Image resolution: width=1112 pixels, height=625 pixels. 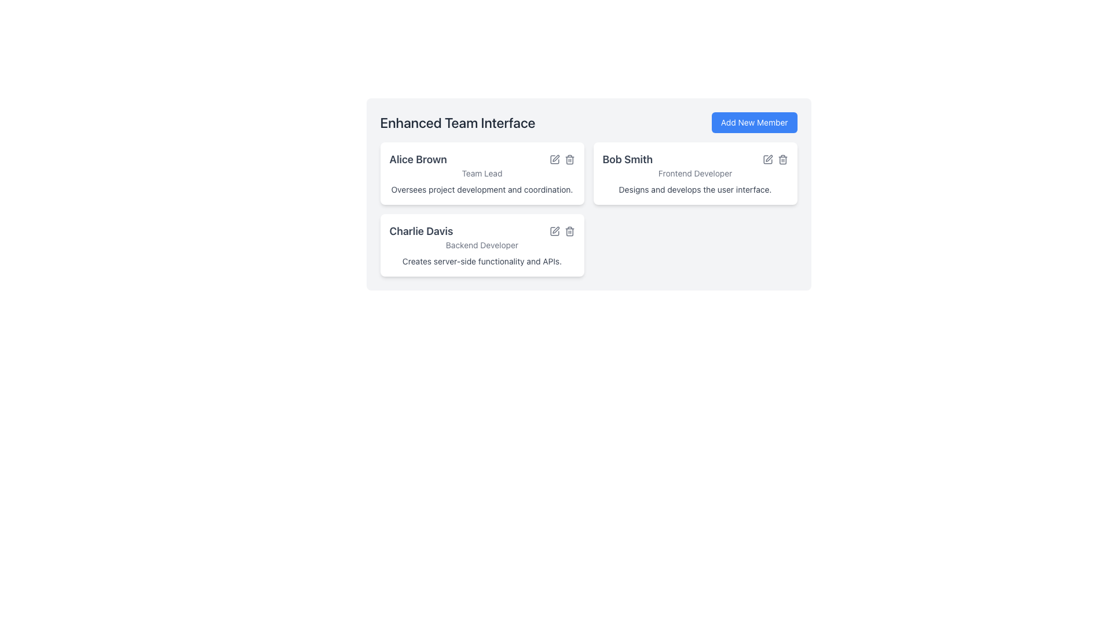 What do you see at coordinates (627, 160) in the screenshot?
I see `the static text label displaying 'Bob Smith', which is bold and larger than surrounding text, located at the top section of the card next to 'Frontend Developer'` at bounding box center [627, 160].